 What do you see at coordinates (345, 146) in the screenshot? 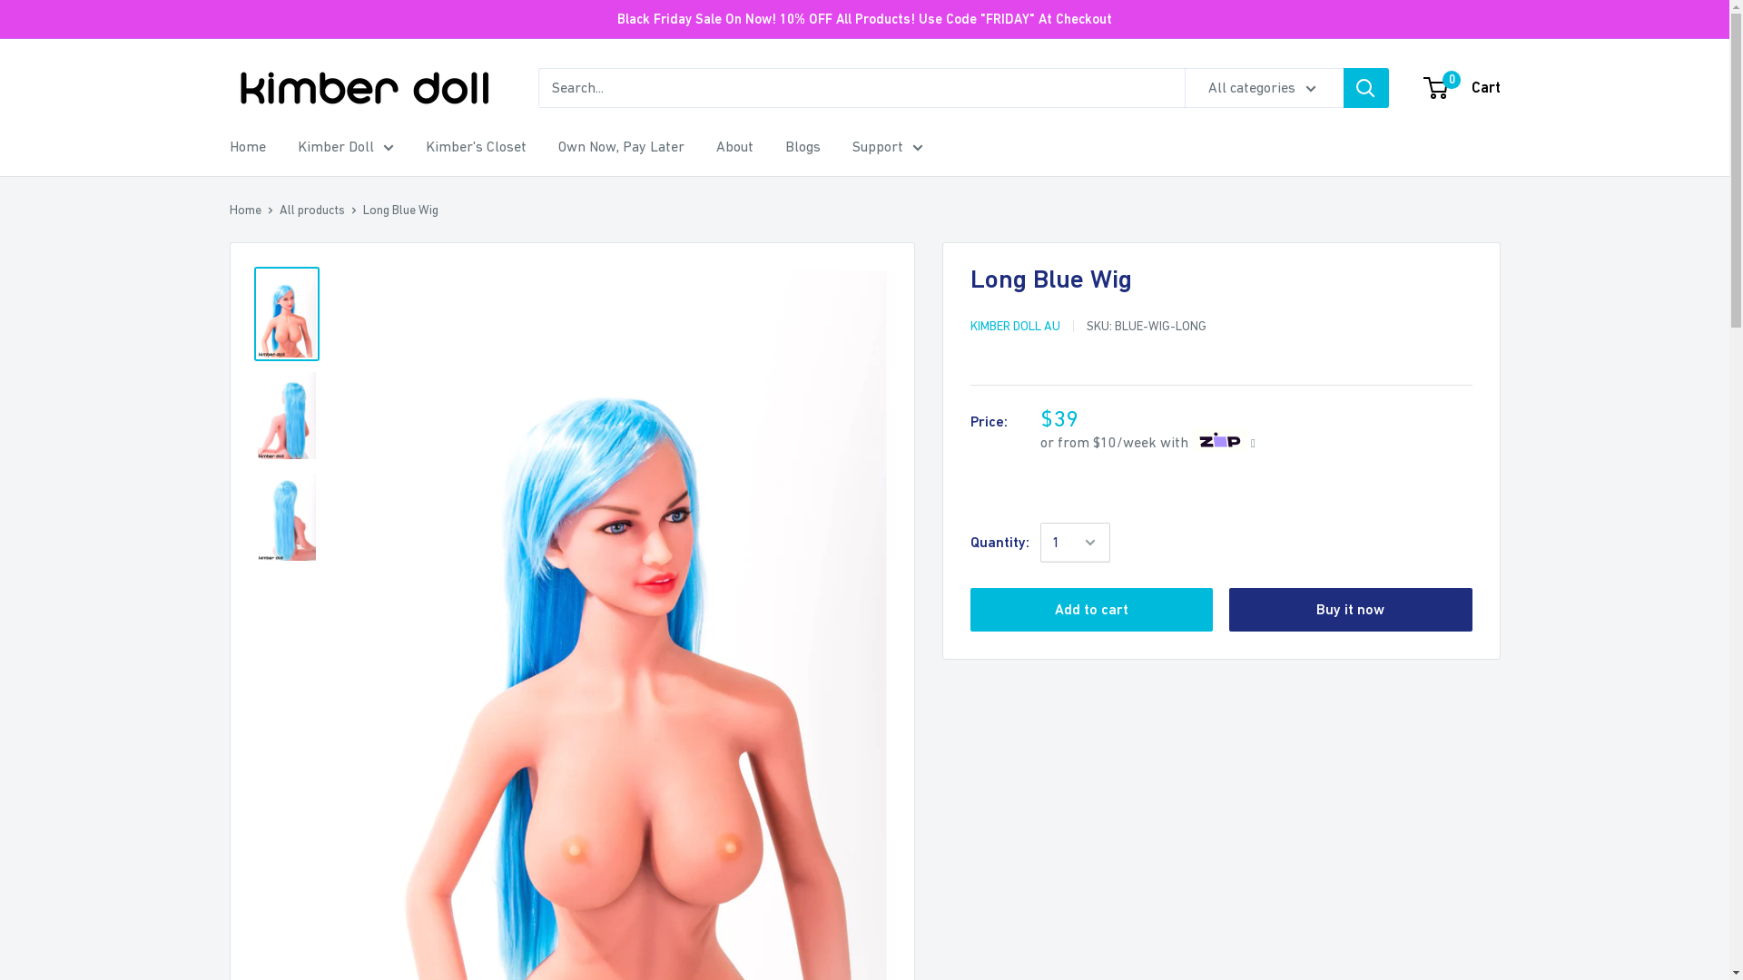
I see `'Kimber Doll'` at bounding box center [345, 146].